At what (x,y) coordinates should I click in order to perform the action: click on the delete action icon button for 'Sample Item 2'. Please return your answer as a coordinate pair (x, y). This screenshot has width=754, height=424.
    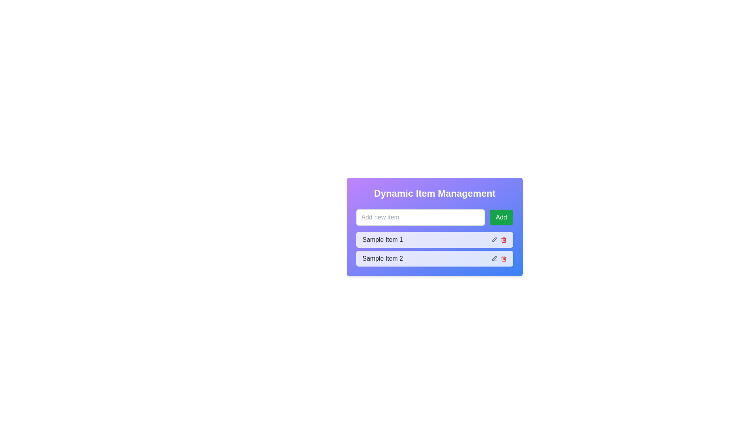
    Looking at the image, I should click on (503, 239).